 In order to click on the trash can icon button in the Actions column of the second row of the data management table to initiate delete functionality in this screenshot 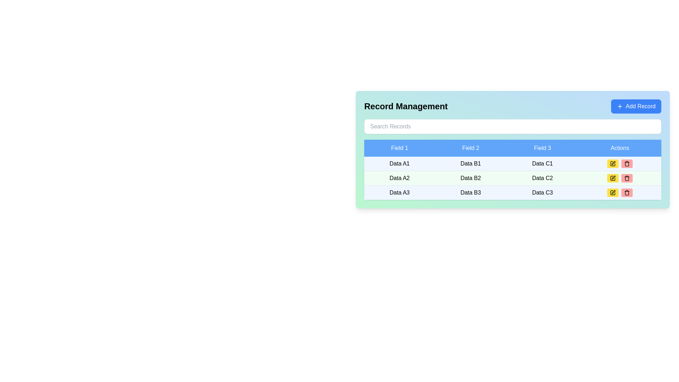, I will do `click(627, 178)`.